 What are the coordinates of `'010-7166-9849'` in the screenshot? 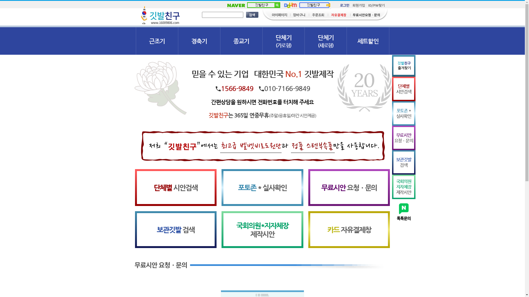 It's located at (287, 88).